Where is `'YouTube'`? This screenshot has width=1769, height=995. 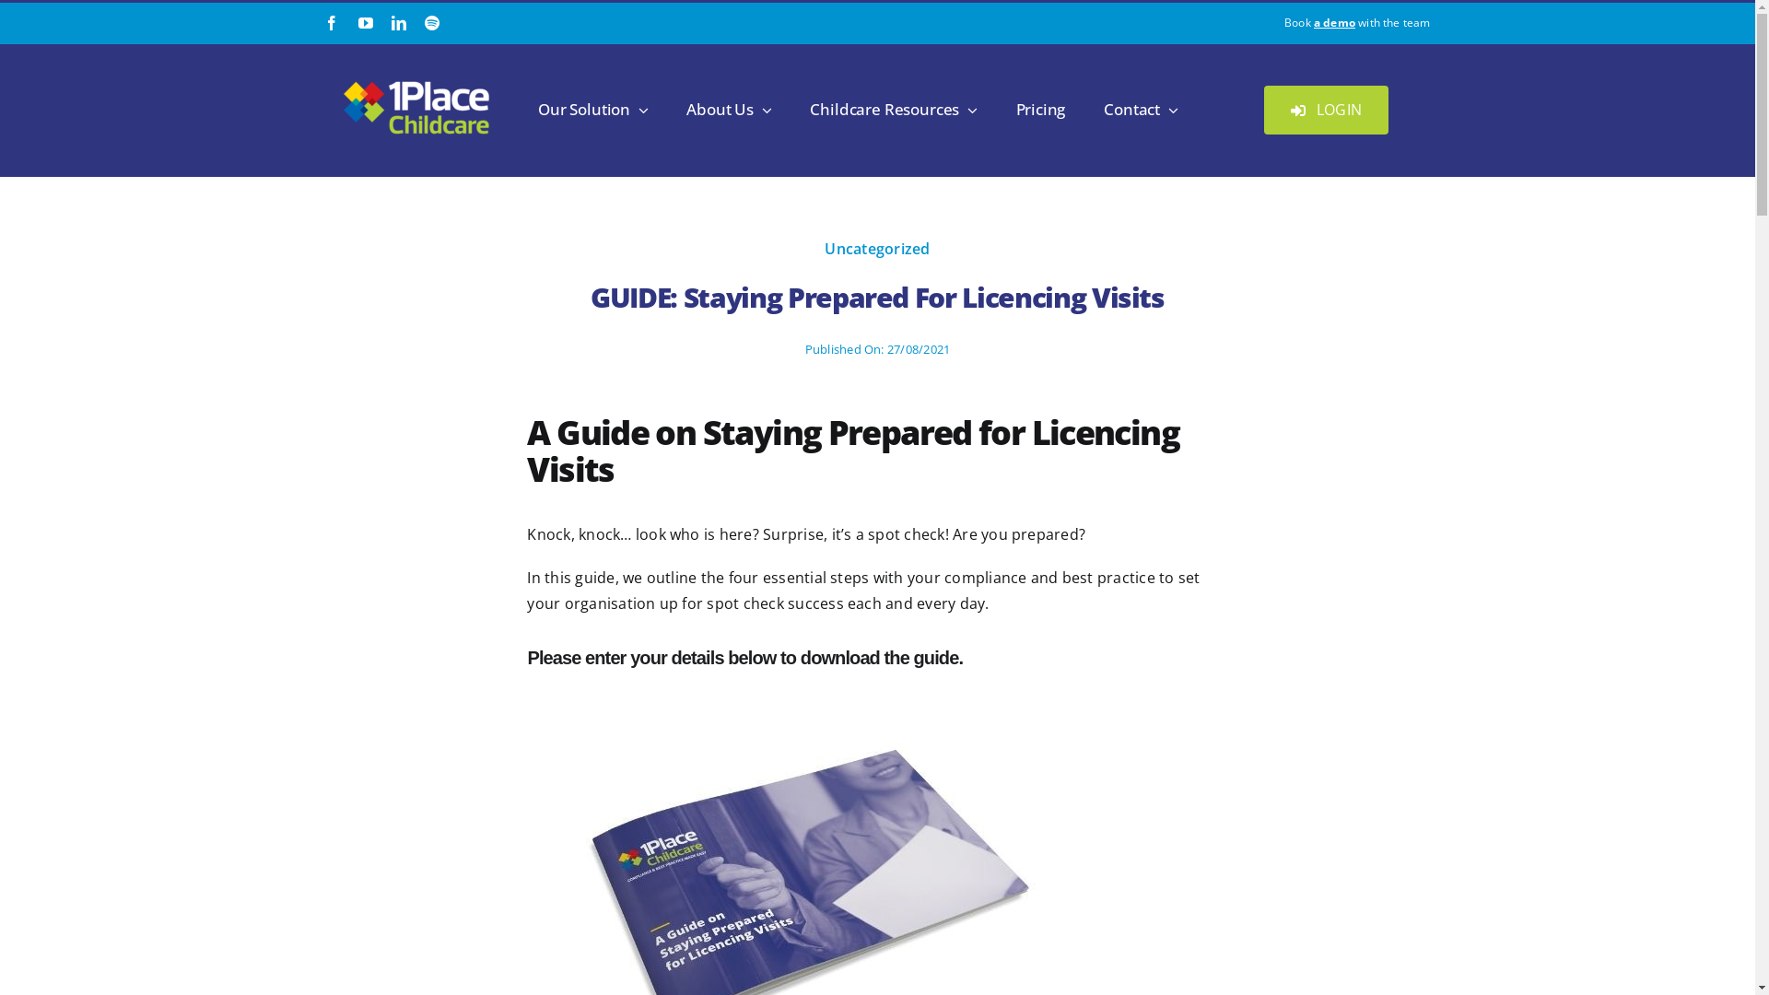 'YouTube' is located at coordinates (366, 22).